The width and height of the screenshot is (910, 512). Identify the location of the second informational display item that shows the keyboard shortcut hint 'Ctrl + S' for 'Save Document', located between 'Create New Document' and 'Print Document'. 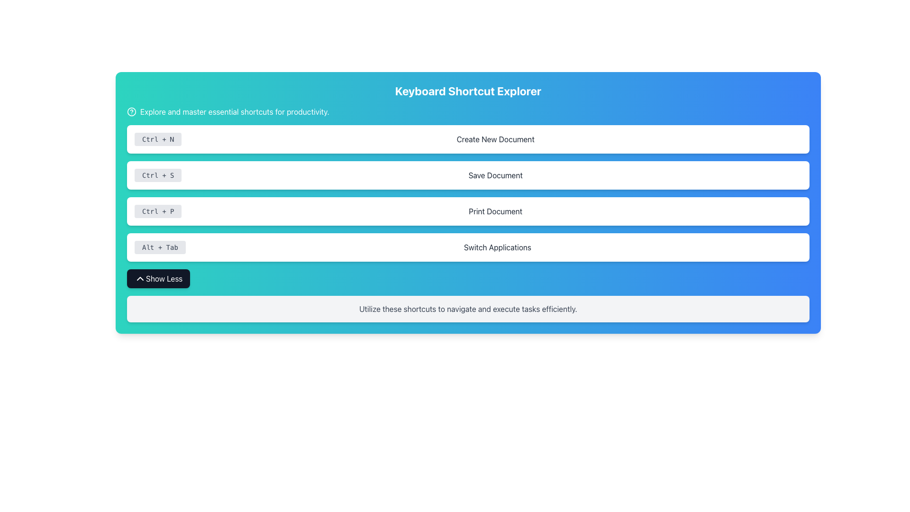
(468, 175).